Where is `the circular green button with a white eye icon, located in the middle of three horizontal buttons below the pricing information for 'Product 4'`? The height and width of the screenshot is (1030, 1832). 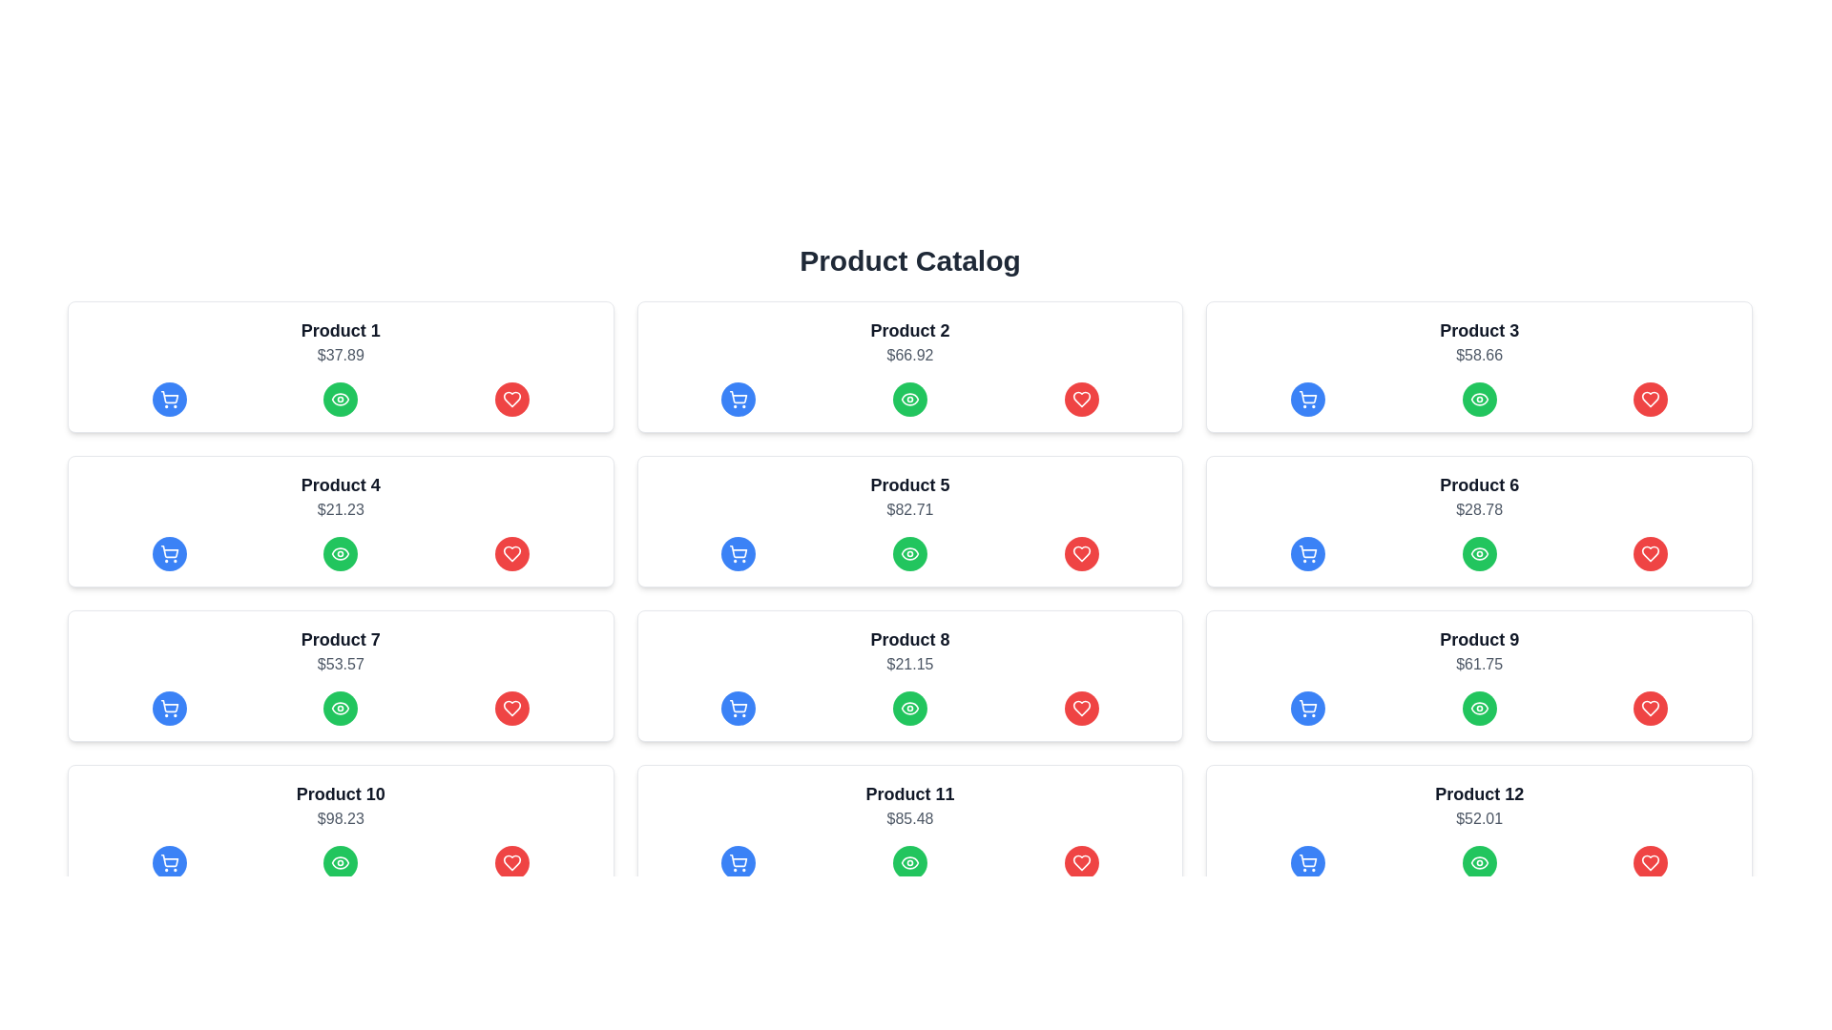
the circular green button with a white eye icon, located in the middle of three horizontal buttons below the pricing information for 'Product 4' is located at coordinates (341, 554).